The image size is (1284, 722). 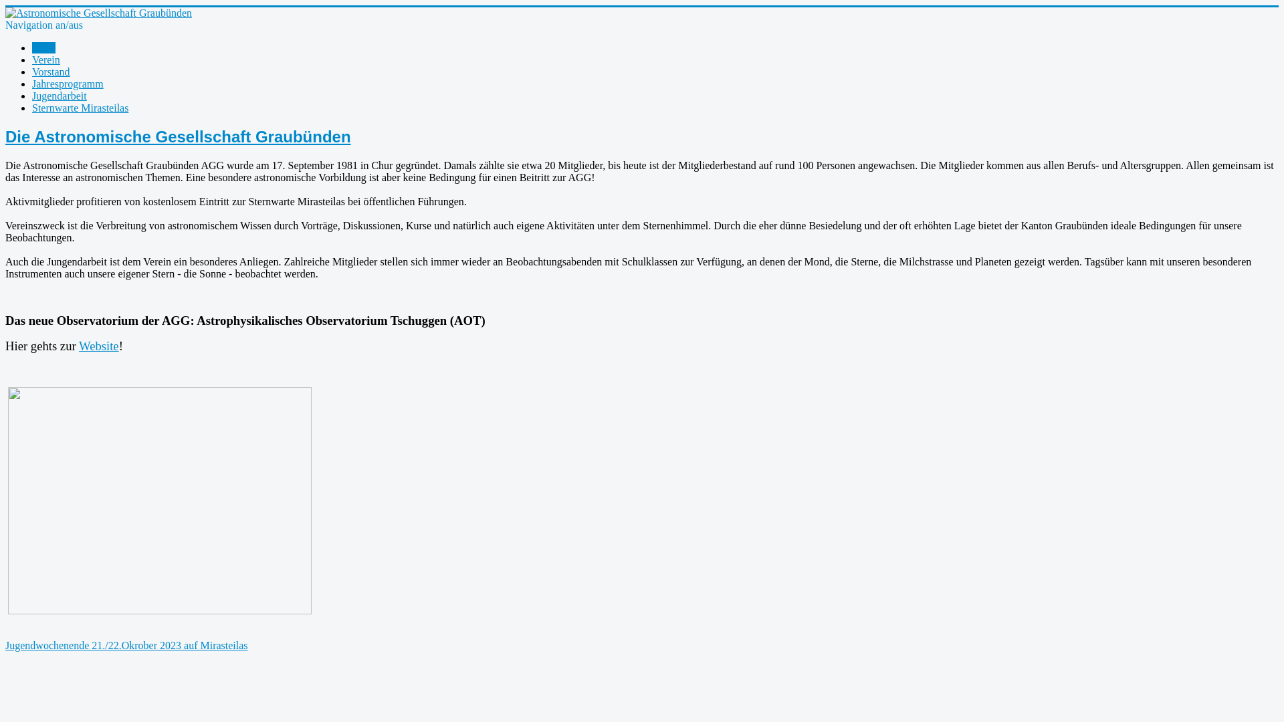 What do you see at coordinates (126, 644) in the screenshot?
I see `'Jugendwochenende 21./22.Okrober 2023 auf Mirasteilas'` at bounding box center [126, 644].